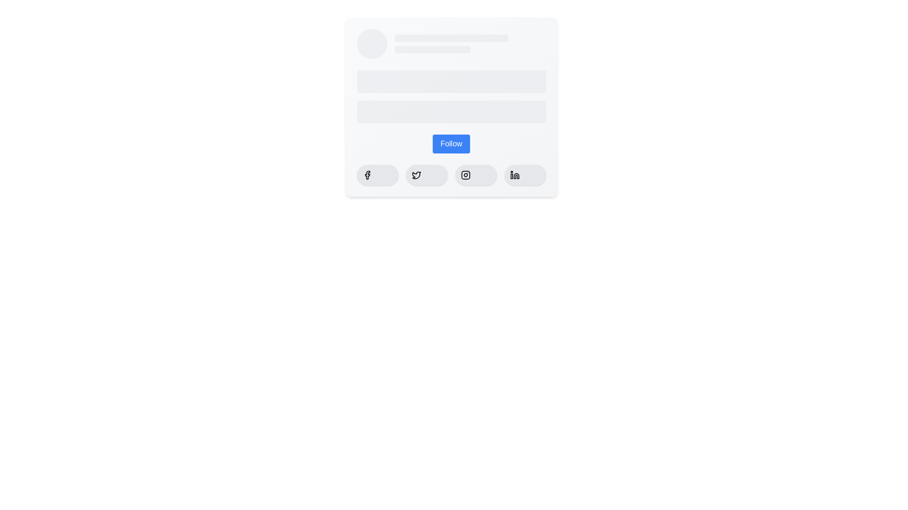 The height and width of the screenshot is (510, 908). What do you see at coordinates (367, 175) in the screenshot?
I see `the Facebook icon button, which is a circular button with a thin stroke outline depicting the Facebook logo, located at the bottom-left corner of a grid of social media icons` at bounding box center [367, 175].